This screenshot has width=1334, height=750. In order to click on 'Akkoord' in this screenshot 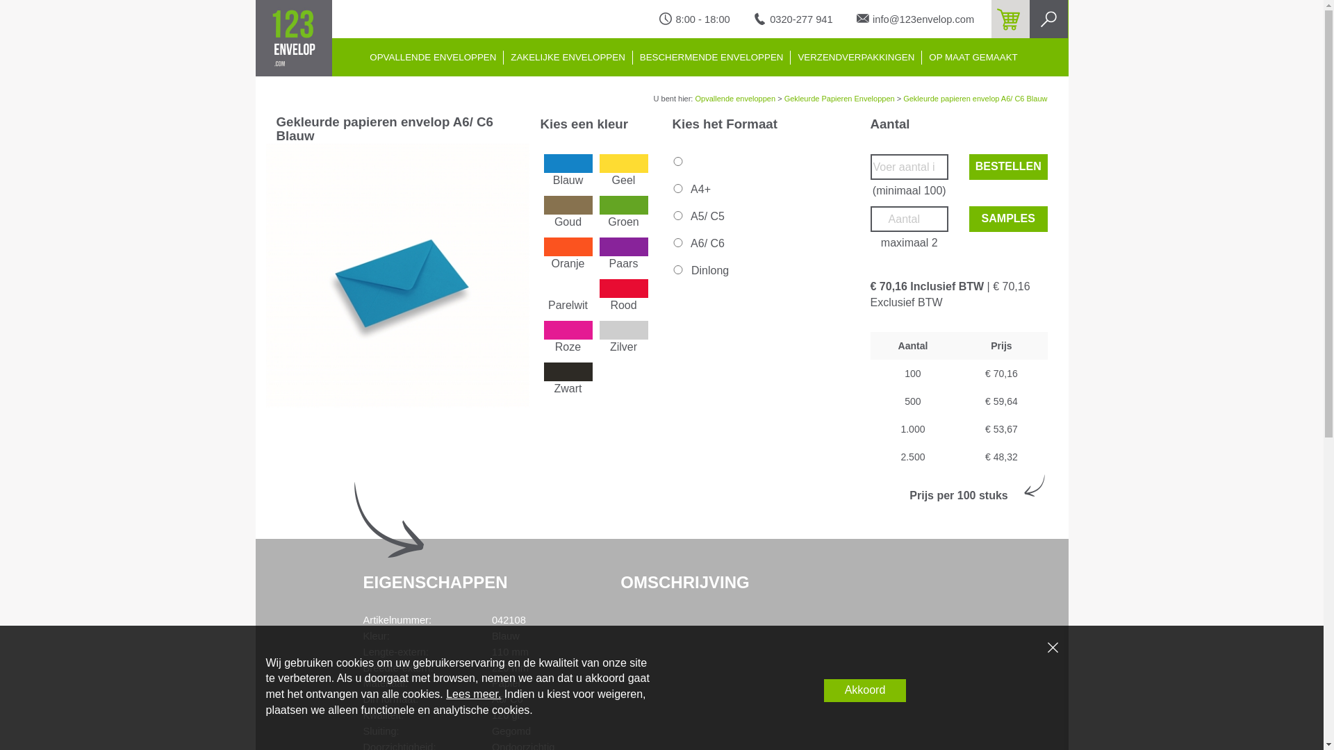, I will do `click(823, 690)`.